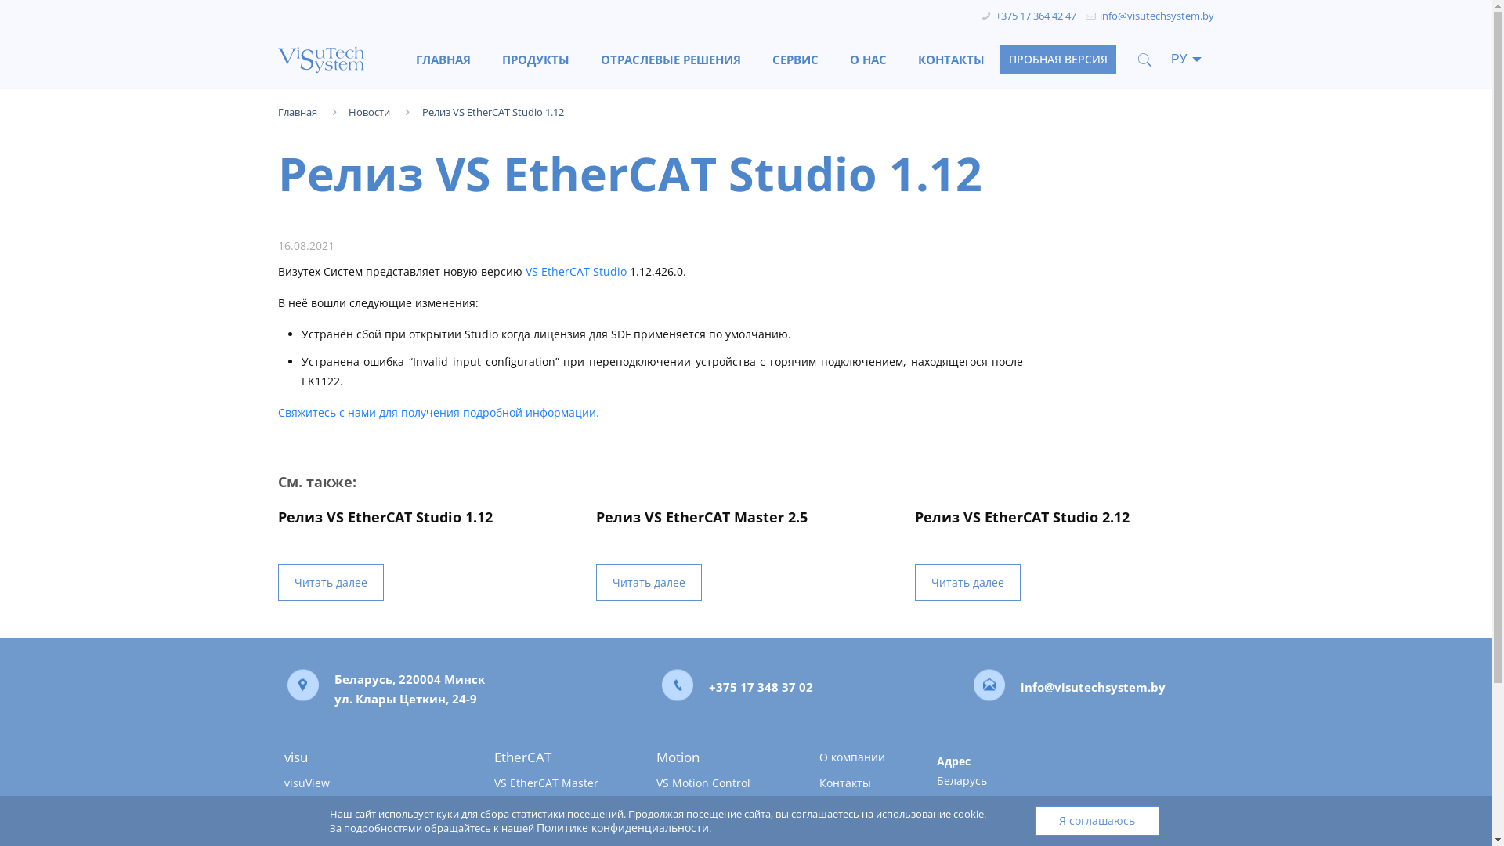  Describe the element at coordinates (278, 59) in the screenshot. I see `'Visutech System'` at that location.